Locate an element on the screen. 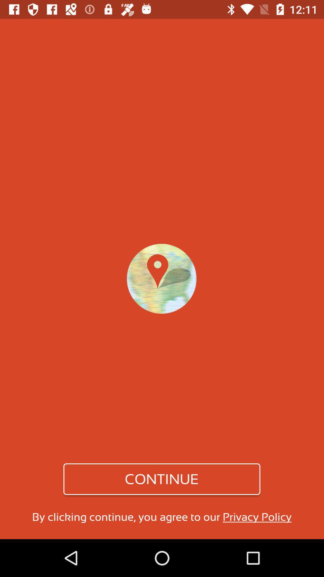  the by clicking continue icon is located at coordinates (161, 517).